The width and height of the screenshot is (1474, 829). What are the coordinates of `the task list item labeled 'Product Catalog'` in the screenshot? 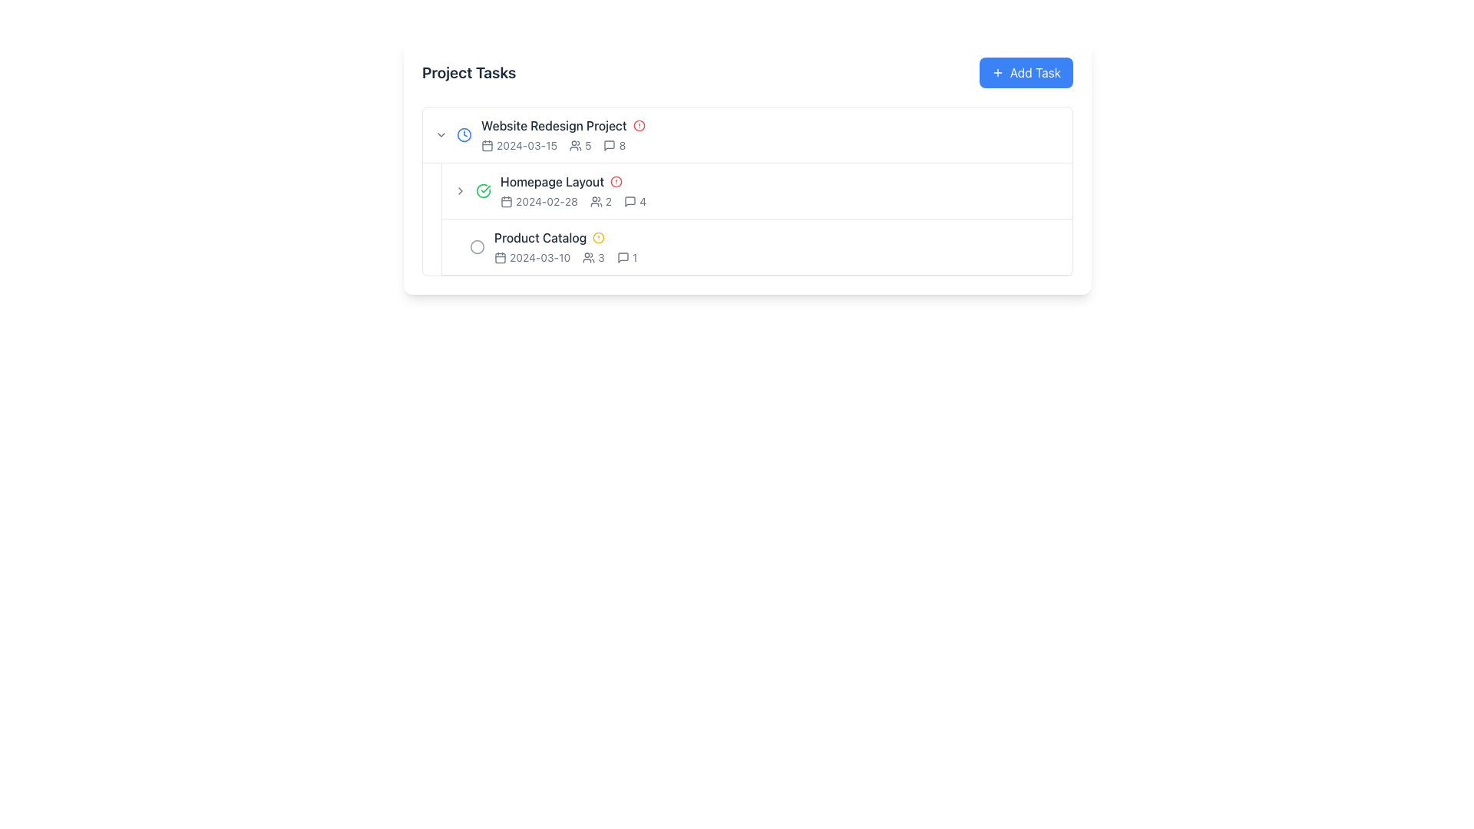 It's located at (757, 246).